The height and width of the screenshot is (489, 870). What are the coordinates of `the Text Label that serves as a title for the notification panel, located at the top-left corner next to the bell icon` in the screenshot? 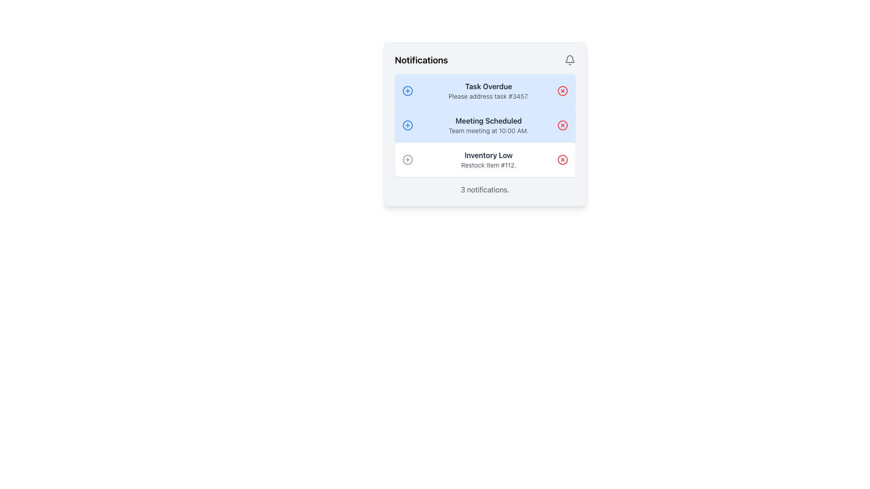 It's located at (421, 60).